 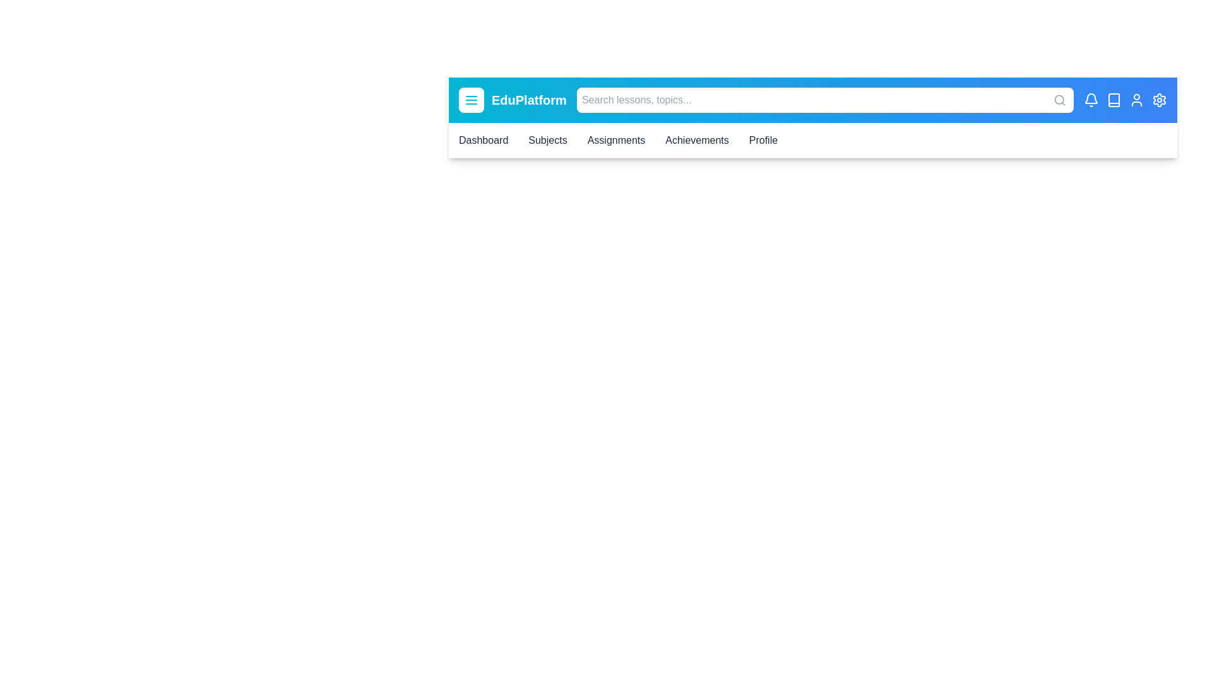 What do you see at coordinates (696, 141) in the screenshot?
I see `the Achievements link in the navigation bar to navigate to the corresponding section` at bounding box center [696, 141].